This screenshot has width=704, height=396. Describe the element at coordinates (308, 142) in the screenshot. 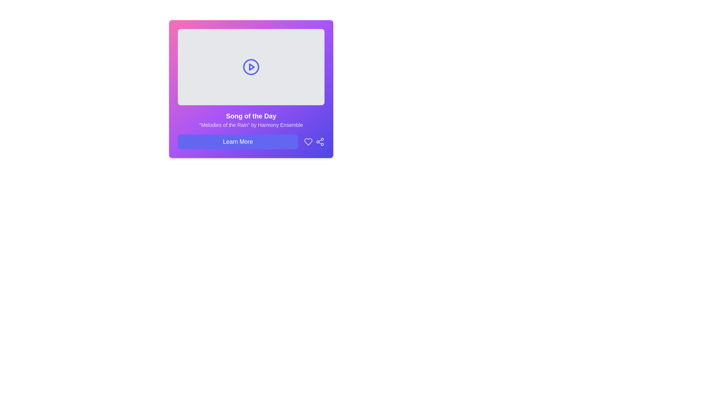

I see `the Heart icon located in the bottom-right section of the card to mark it as a favorite` at that location.